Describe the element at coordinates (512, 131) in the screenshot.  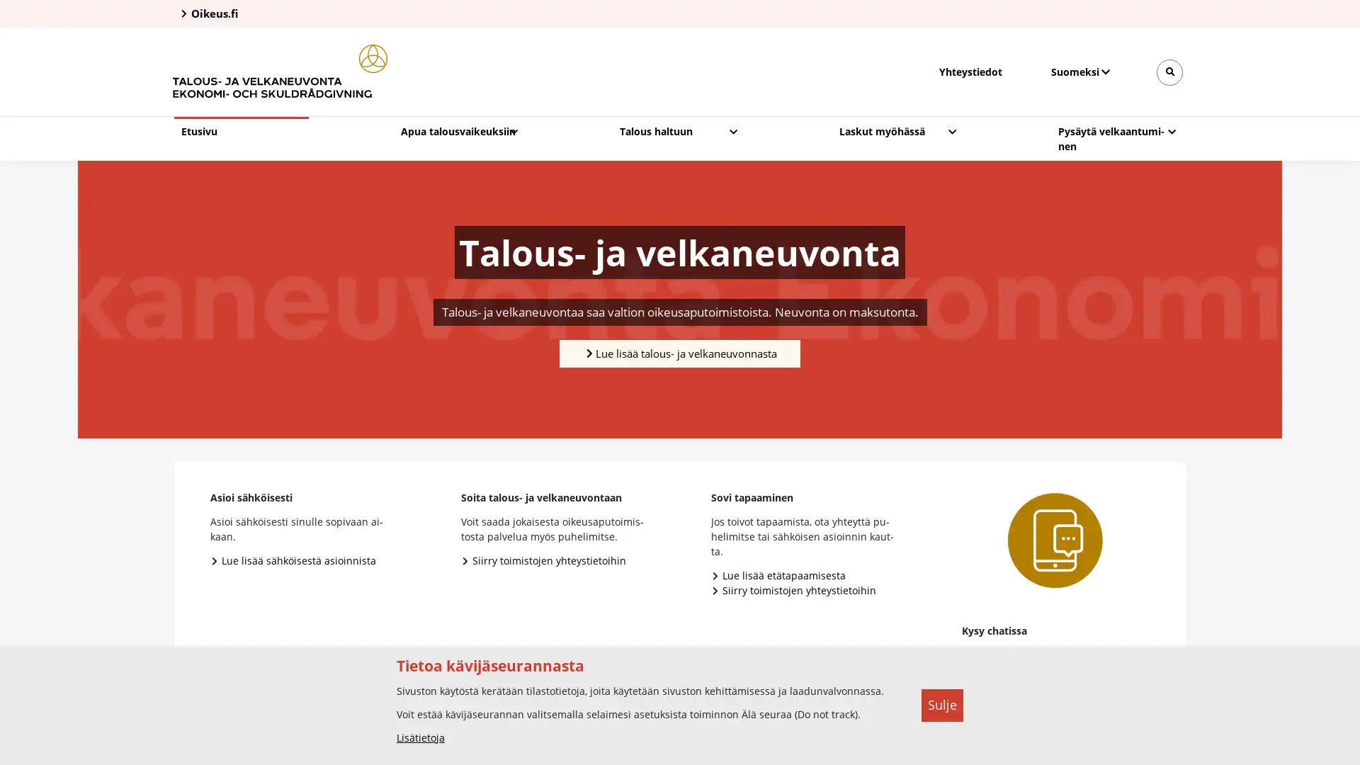
I see `Avaa pudotusvalikko` at that location.